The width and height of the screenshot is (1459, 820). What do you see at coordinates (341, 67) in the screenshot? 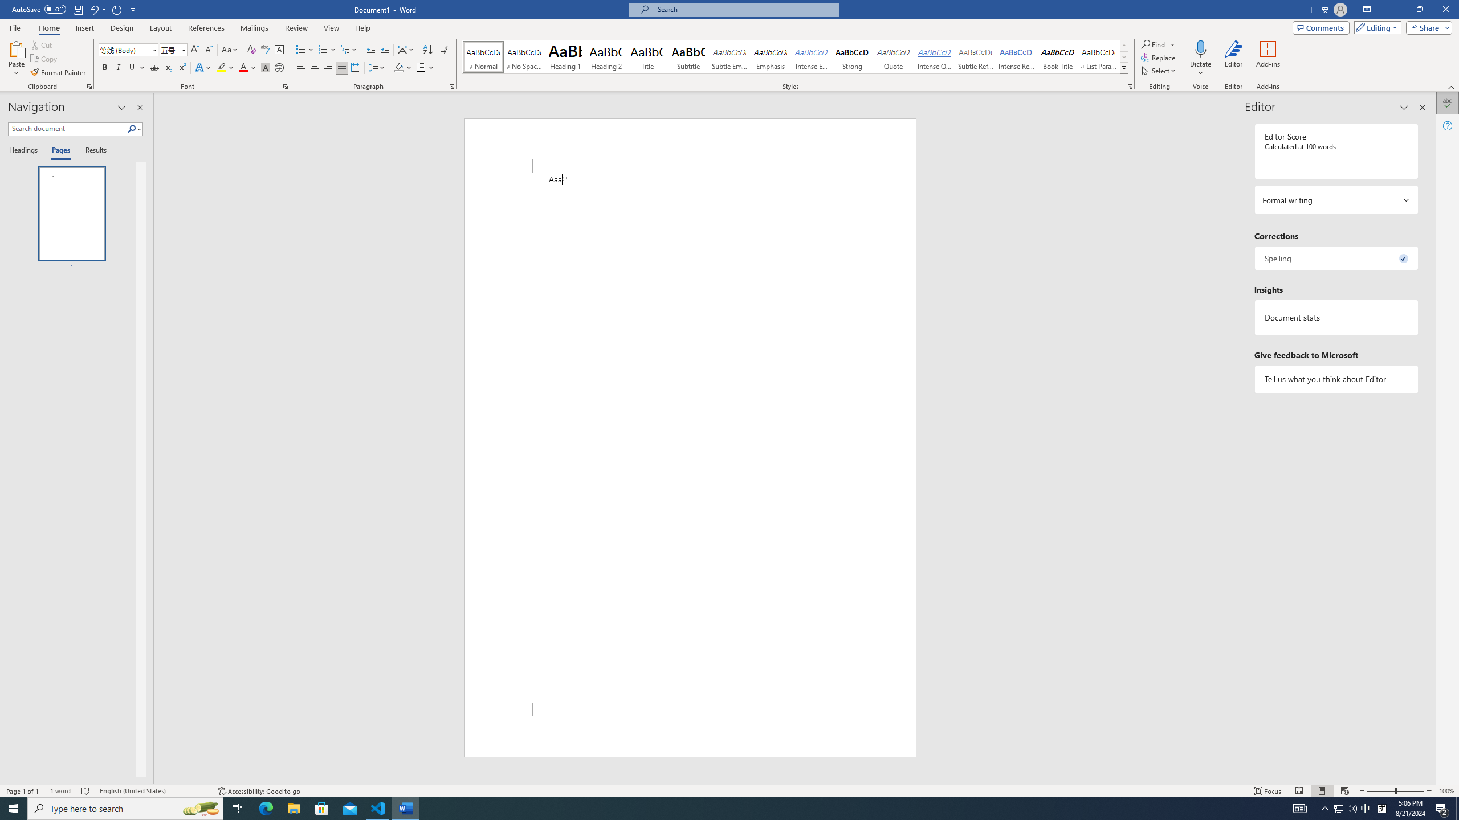
I see `'Justify'` at bounding box center [341, 67].